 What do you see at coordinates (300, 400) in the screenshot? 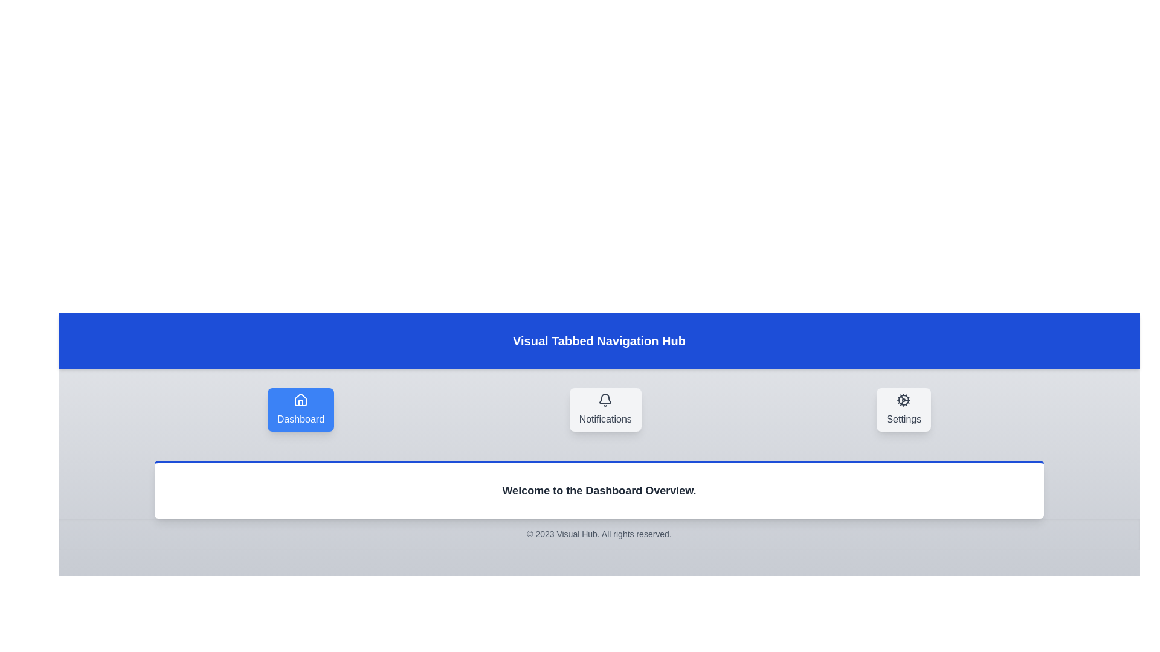
I see `the home icon that represents the 'Dashboard' functionality, which is centrally located within the Dashboard button and overlays a blue rounded rectangle background` at bounding box center [300, 400].